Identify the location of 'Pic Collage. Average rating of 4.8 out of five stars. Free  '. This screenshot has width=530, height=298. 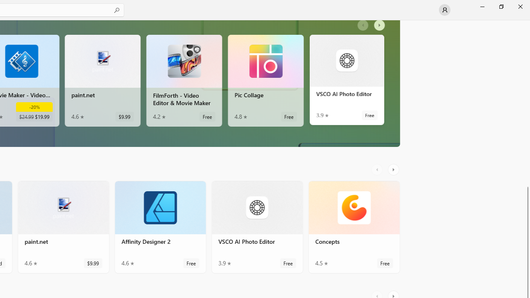
(265, 80).